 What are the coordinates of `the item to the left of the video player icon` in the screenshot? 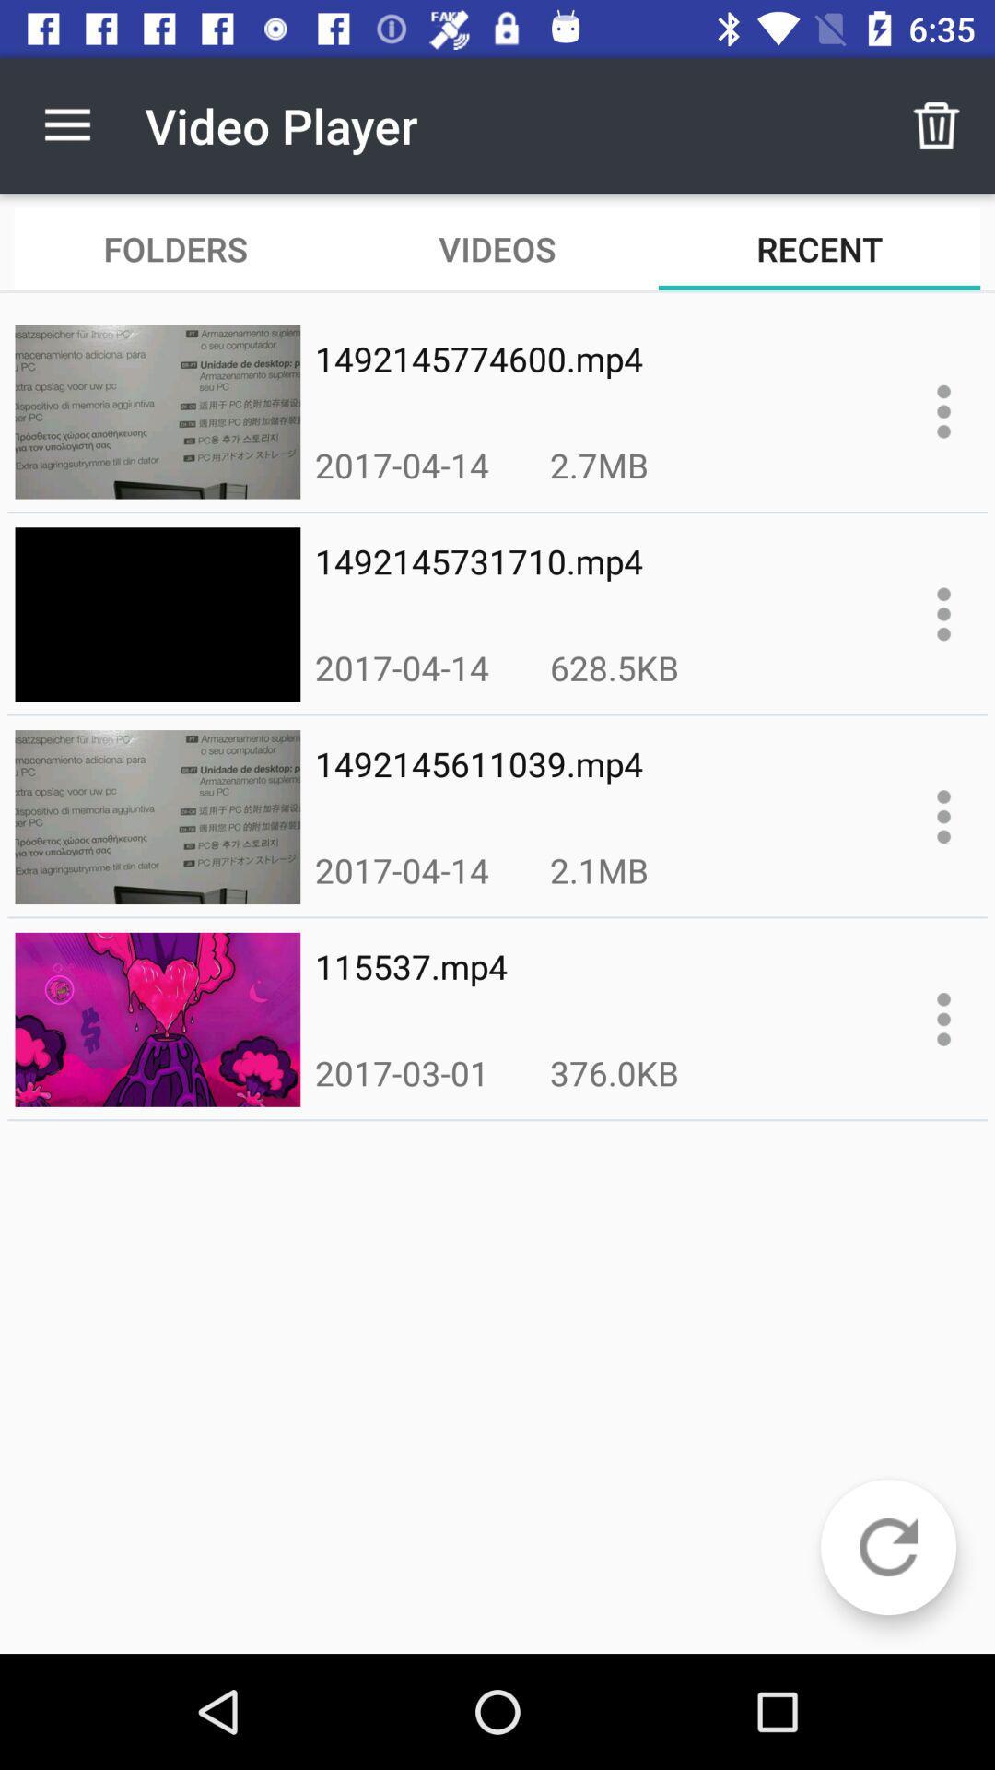 It's located at (66, 124).